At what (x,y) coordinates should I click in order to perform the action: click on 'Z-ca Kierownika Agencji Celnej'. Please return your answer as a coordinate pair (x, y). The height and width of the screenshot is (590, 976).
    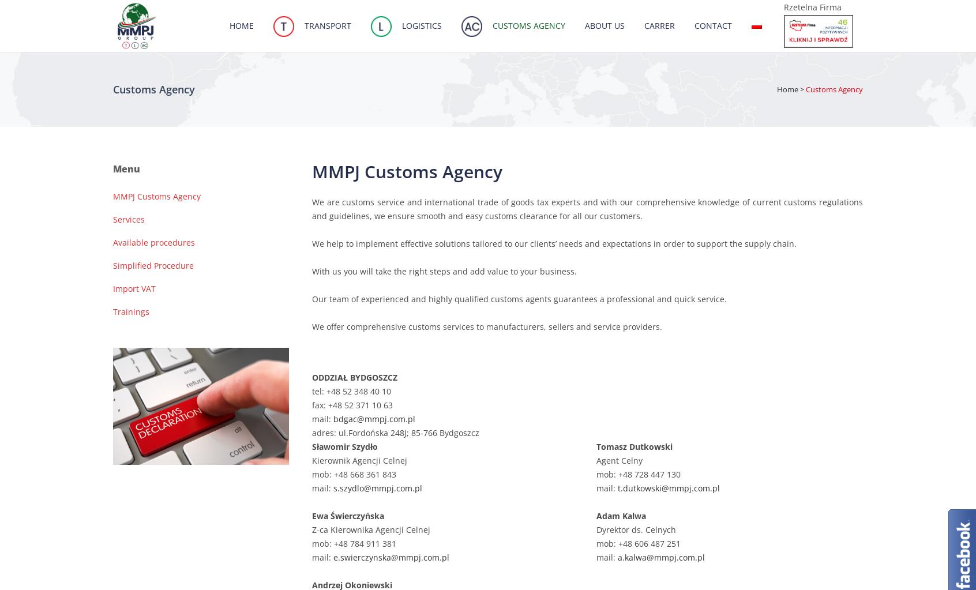
    Looking at the image, I should click on (371, 529).